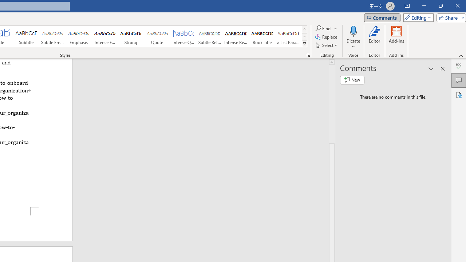  What do you see at coordinates (183, 36) in the screenshot?
I see `'Intense Quote'` at bounding box center [183, 36].